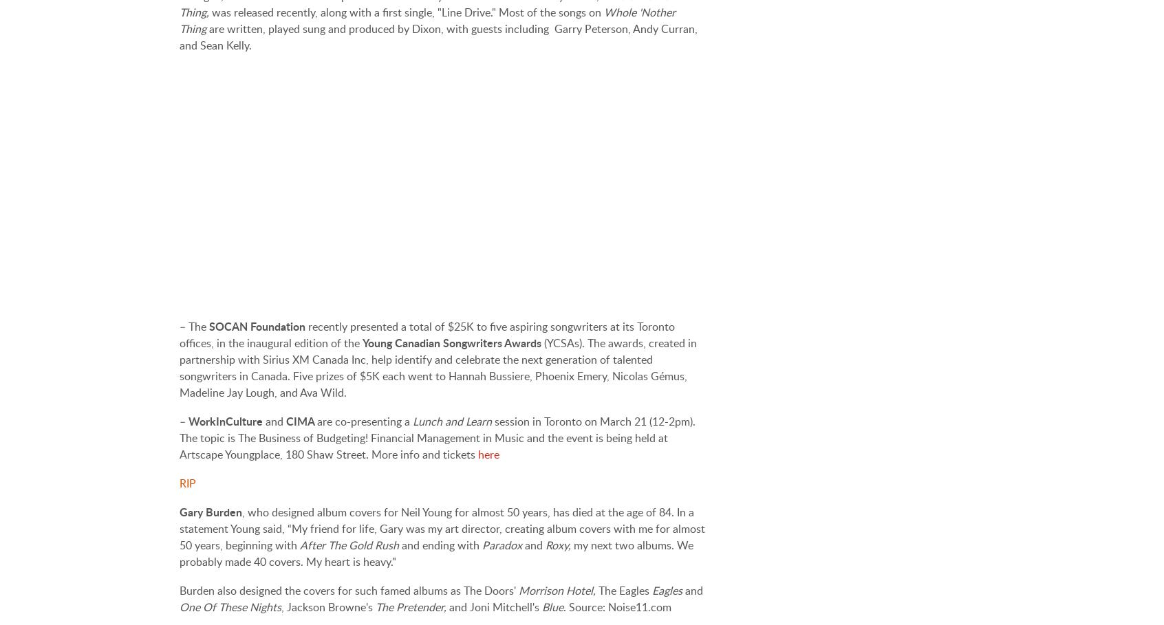  What do you see at coordinates (488, 454) in the screenshot?
I see `'here'` at bounding box center [488, 454].